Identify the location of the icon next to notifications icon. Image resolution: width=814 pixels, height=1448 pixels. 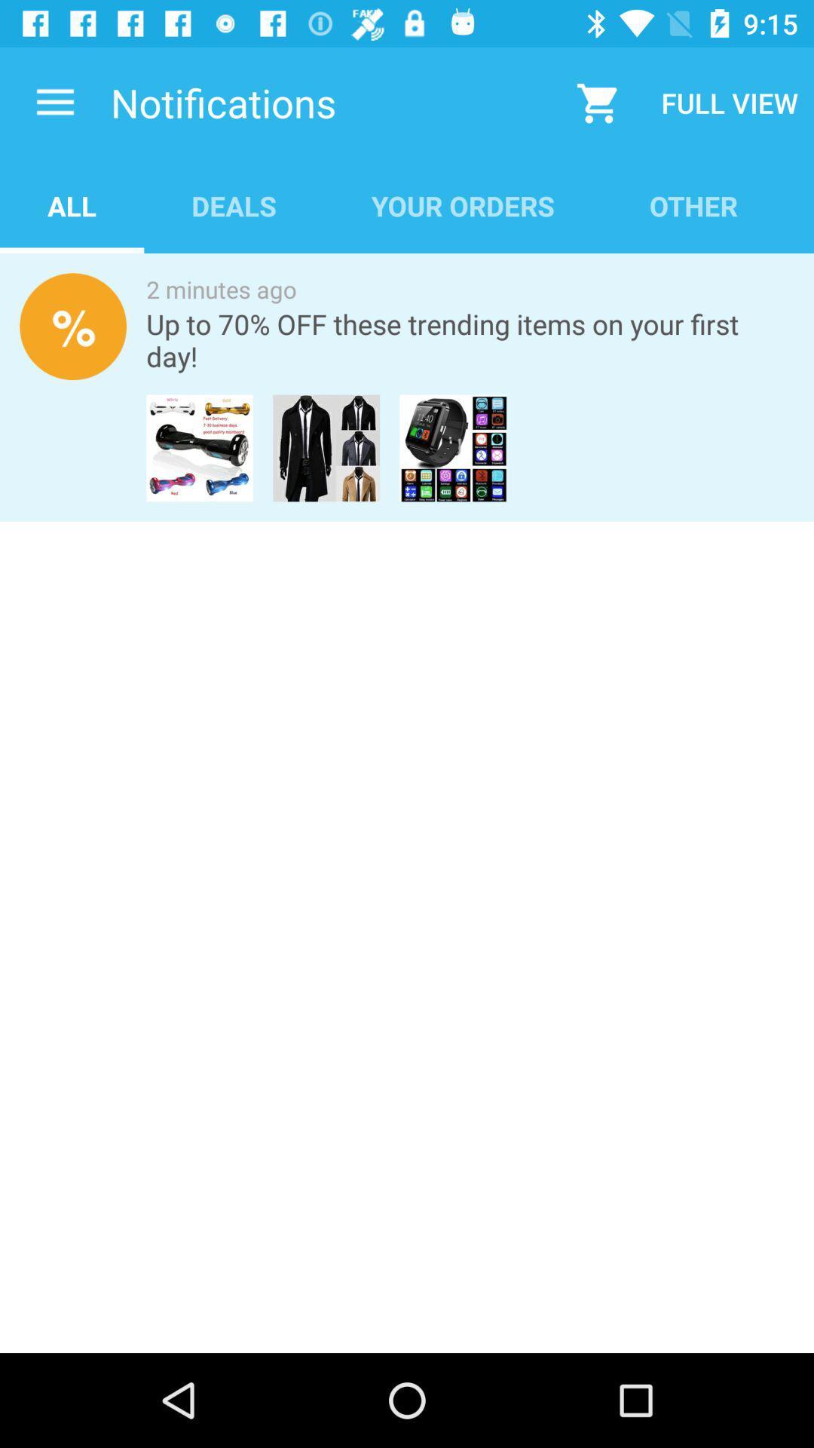
(54, 102).